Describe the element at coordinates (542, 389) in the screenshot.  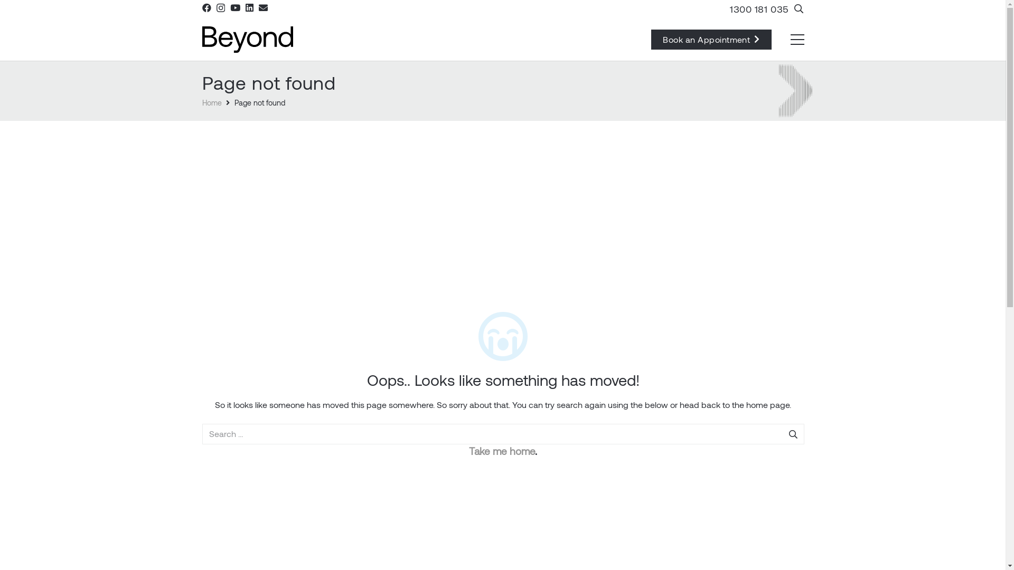
I see `'Send an Email'` at that location.